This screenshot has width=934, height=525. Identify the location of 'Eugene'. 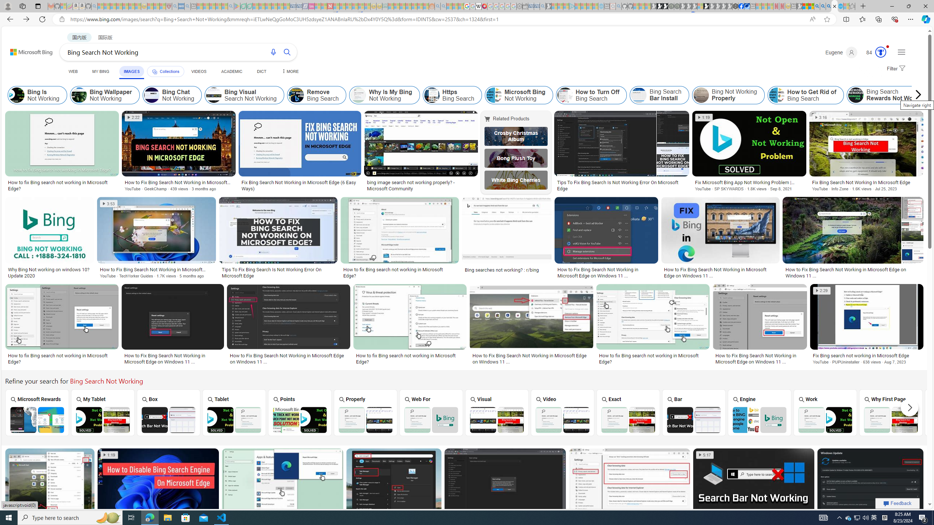
(841, 52).